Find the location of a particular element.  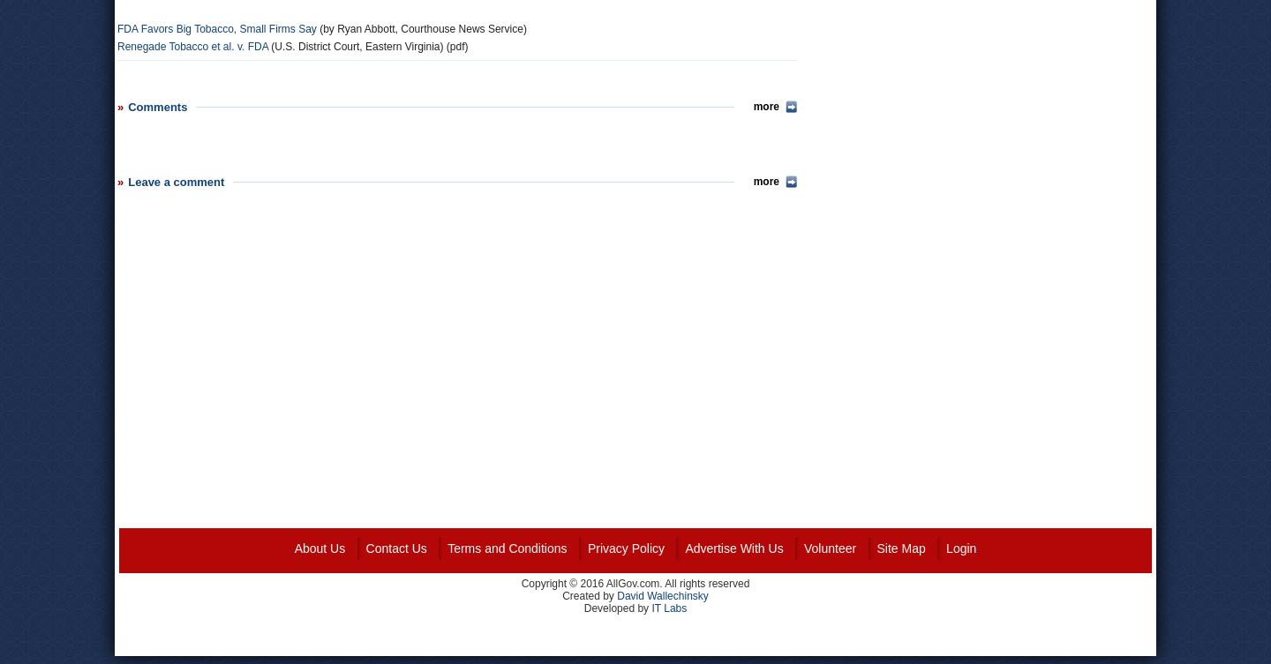

'IT Labs' is located at coordinates (668, 607).